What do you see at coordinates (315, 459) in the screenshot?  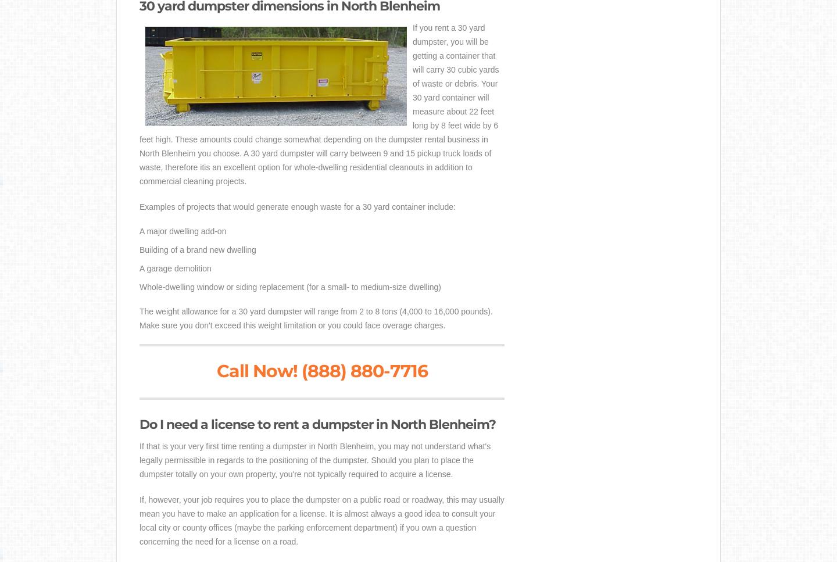 I see `'If that is your very first time renting a dumpster in North Blenheim, you may not understand what's legally permissible in regards to the positioning of the dumpster. Should you plan to place the dumpster totally on your own property, you're not typically required to acquire a license.'` at bounding box center [315, 459].